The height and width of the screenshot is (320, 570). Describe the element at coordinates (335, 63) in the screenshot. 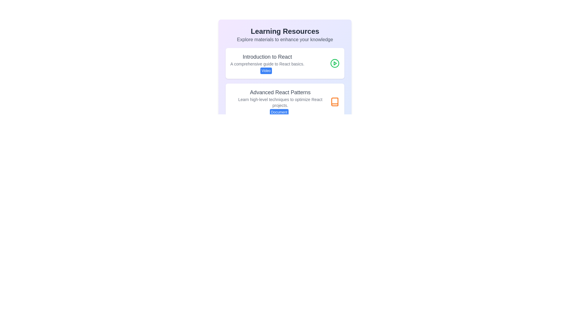

I see `the play icon for the 'Introduction to React' video to start playing it` at that location.